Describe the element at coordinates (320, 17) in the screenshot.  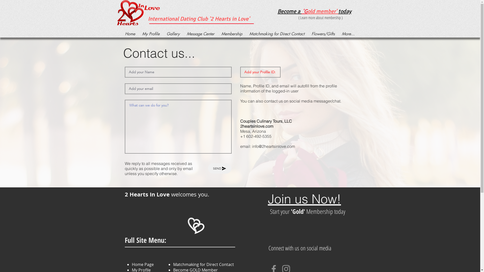
I see `'( Learn more about membership )'` at that location.